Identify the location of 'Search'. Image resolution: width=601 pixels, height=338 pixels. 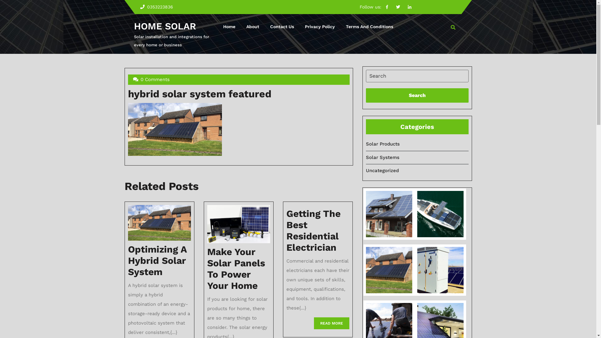
(417, 95).